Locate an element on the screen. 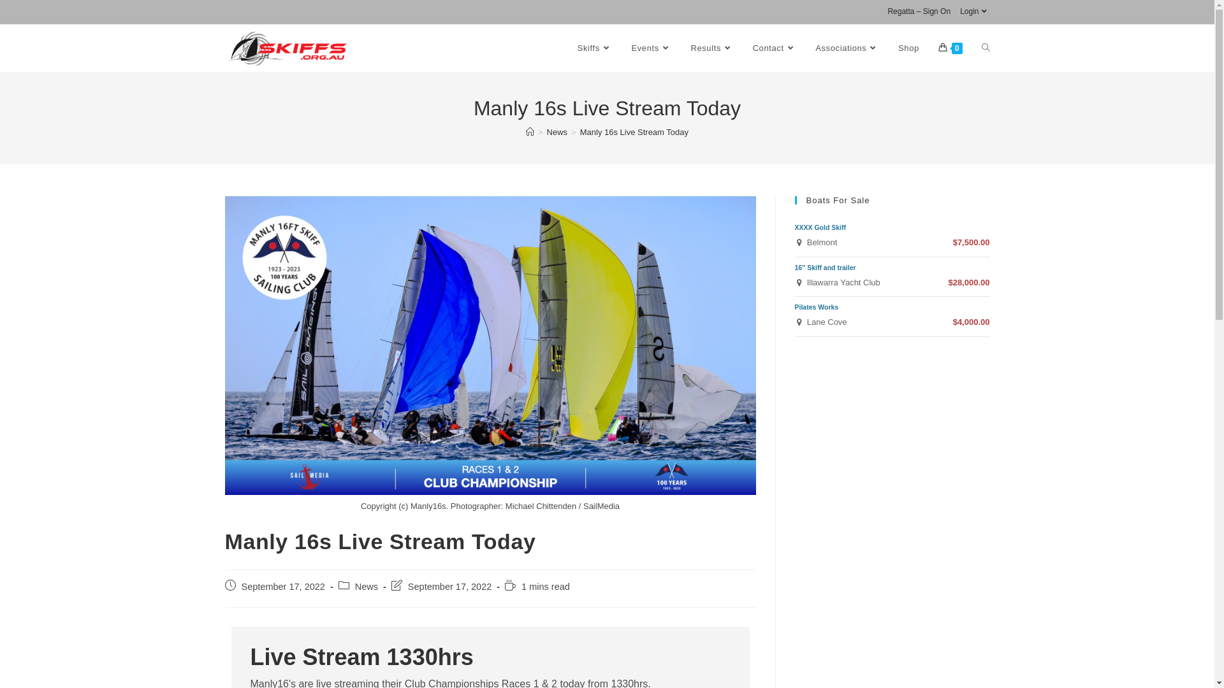 Image resolution: width=1224 pixels, height=688 pixels. 'XXXX Gold Skiff' is located at coordinates (820, 227).